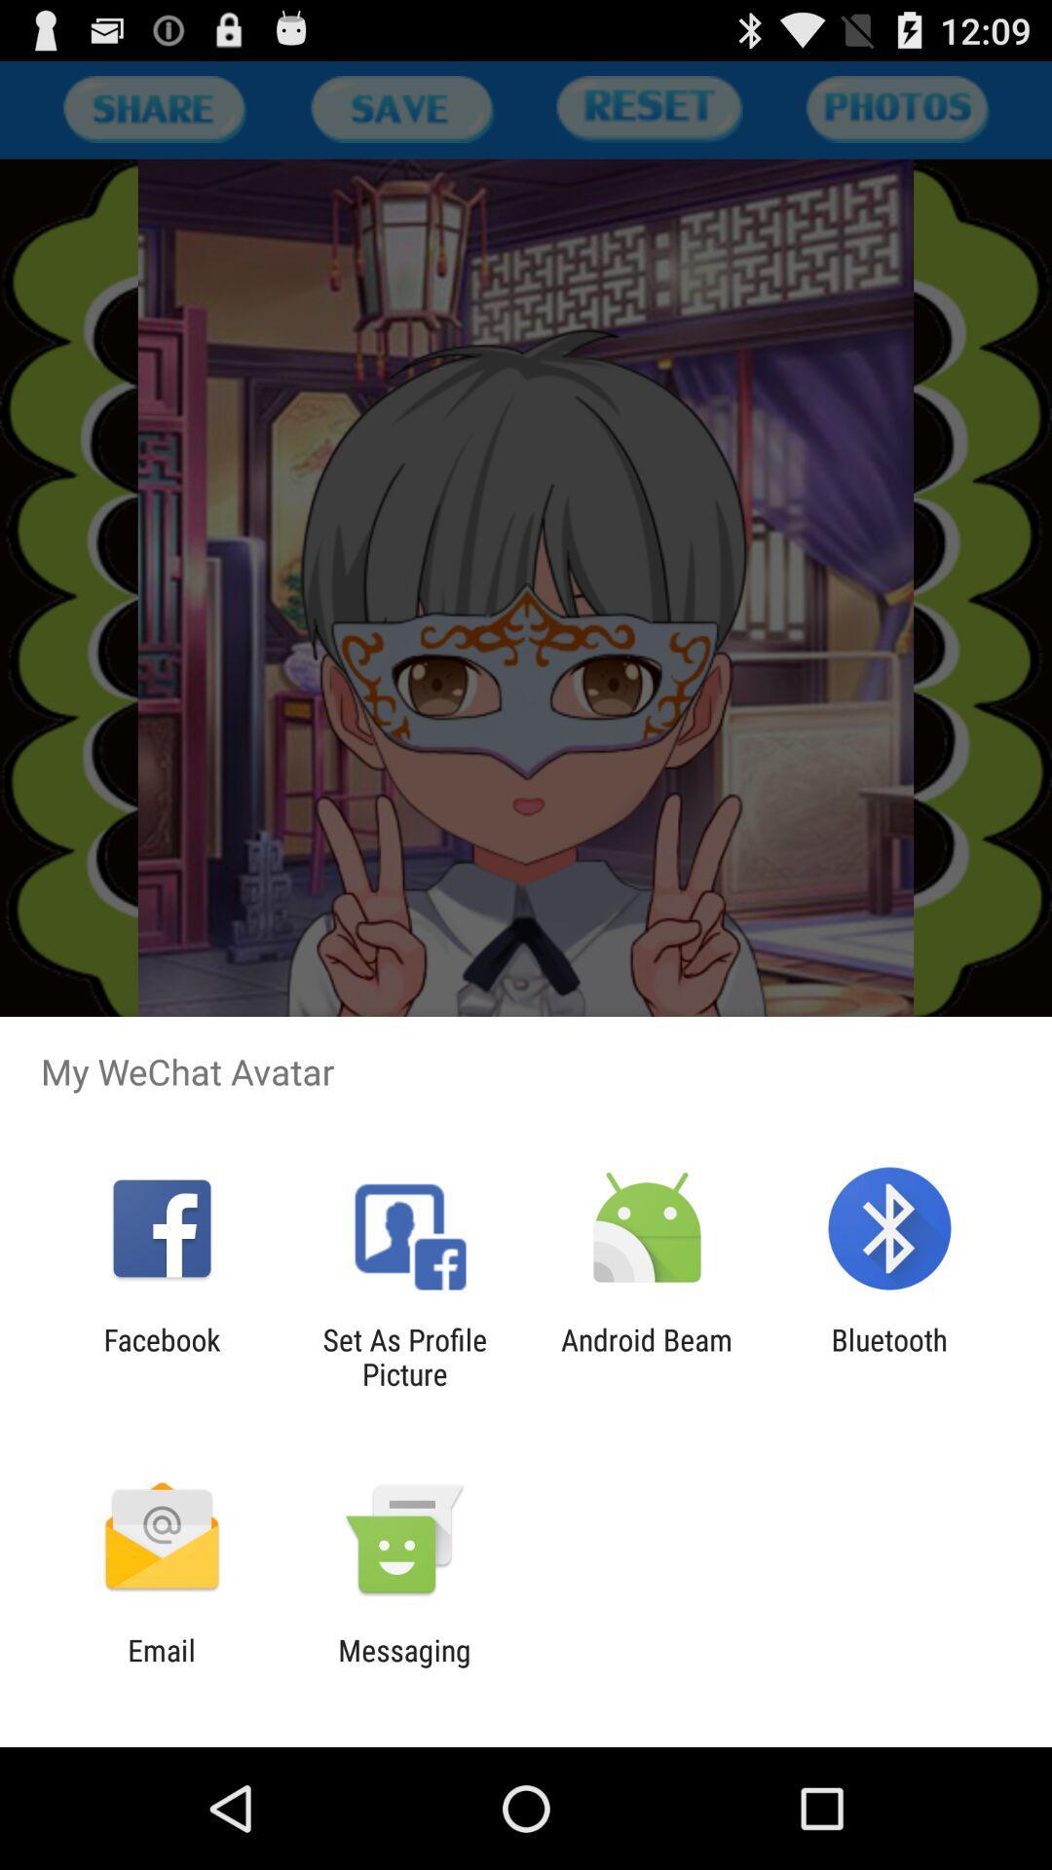 The width and height of the screenshot is (1052, 1870). Describe the element at coordinates (161, 1356) in the screenshot. I see `the icon next to the set as profile` at that location.